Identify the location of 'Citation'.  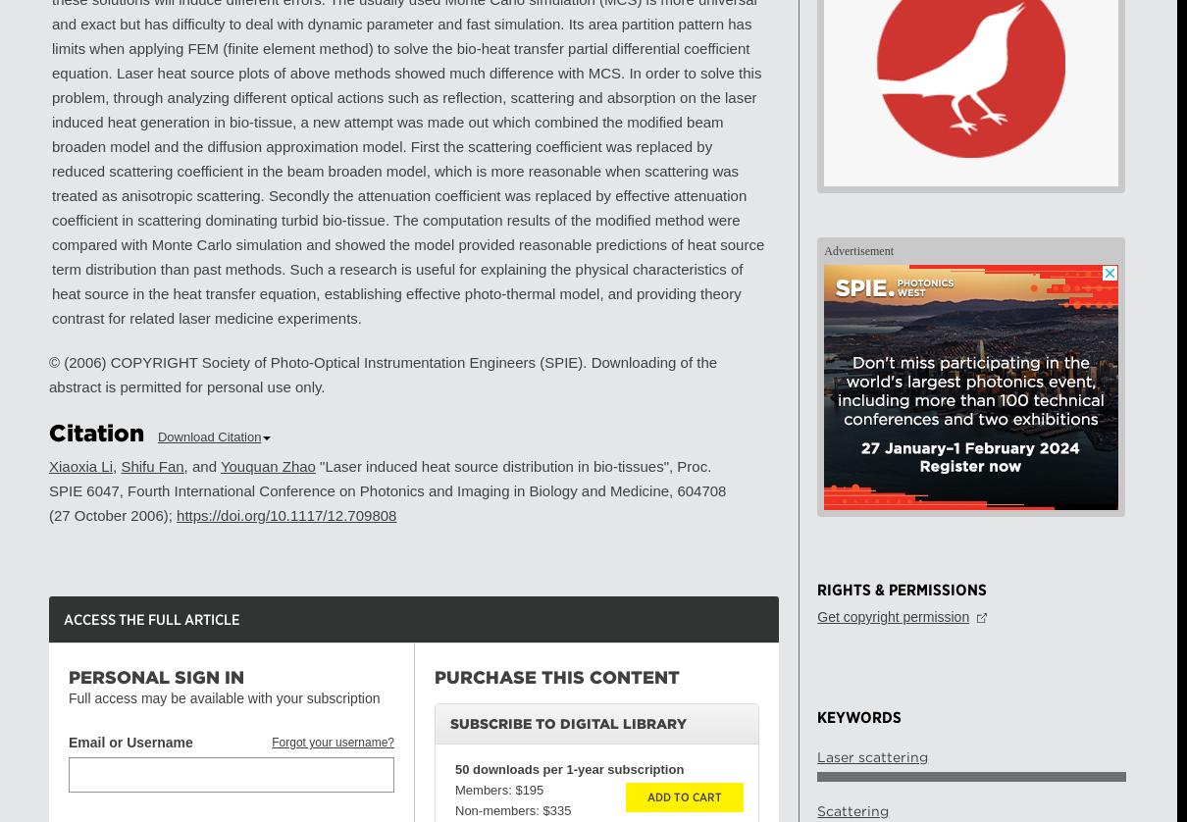
(47, 433).